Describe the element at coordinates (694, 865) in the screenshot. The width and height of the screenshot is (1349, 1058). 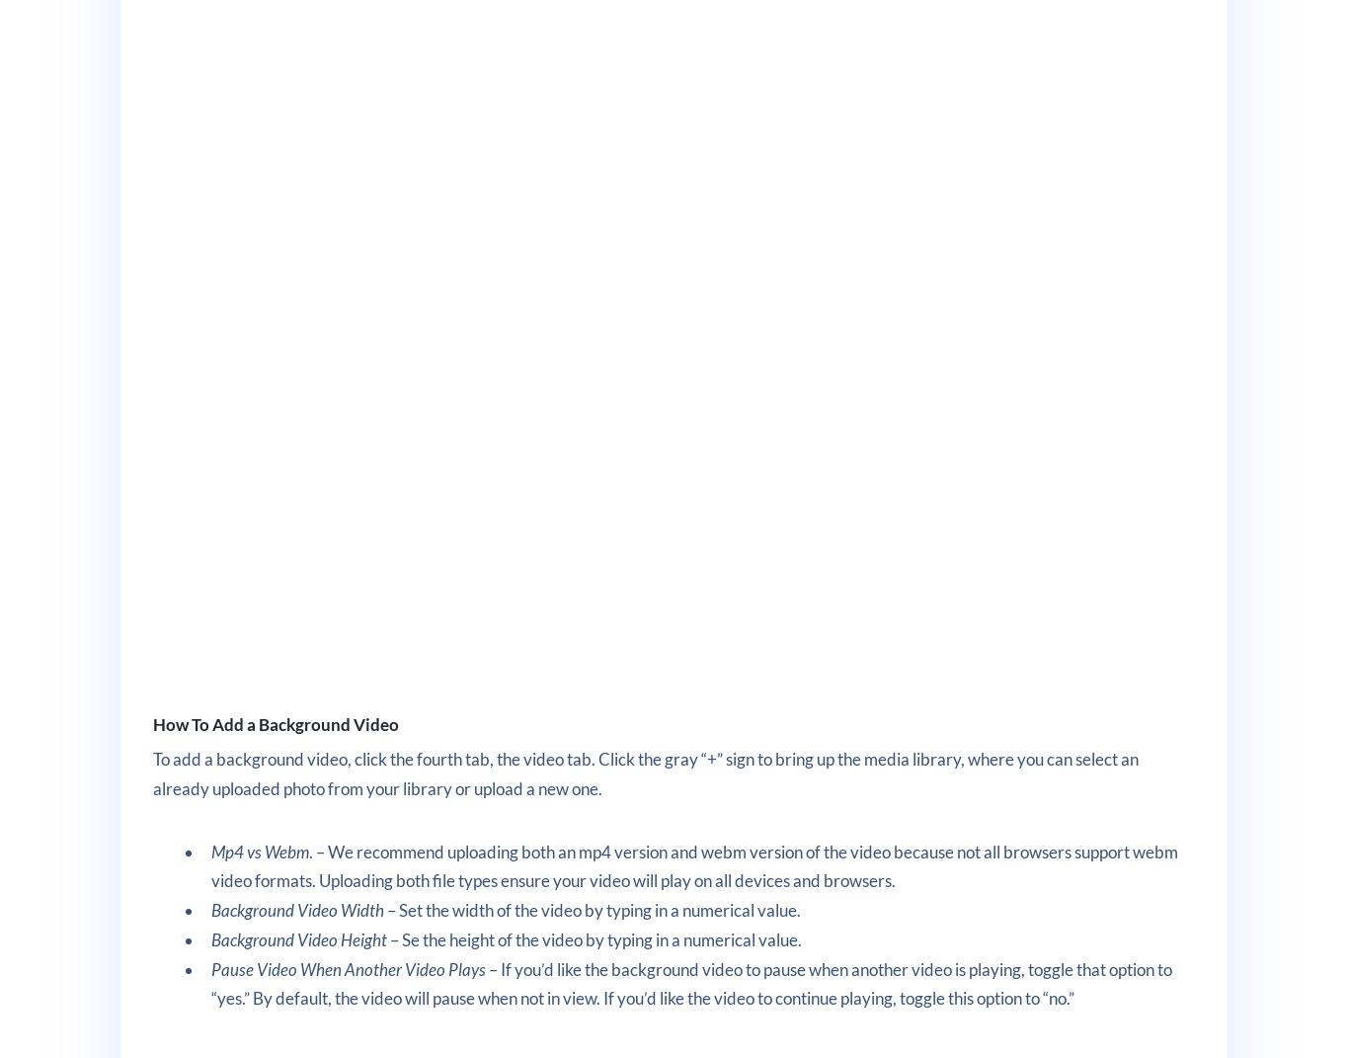
I see `'. – We recommend uploading both an mp4 version and webm version of the video because not all browsers support webm video formats. Uploading both file types ensure your video will play on all devices and browsers.'` at that location.